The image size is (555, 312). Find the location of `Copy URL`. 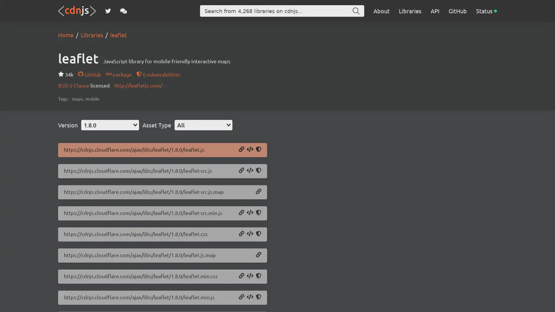

Copy URL is located at coordinates (241, 149).